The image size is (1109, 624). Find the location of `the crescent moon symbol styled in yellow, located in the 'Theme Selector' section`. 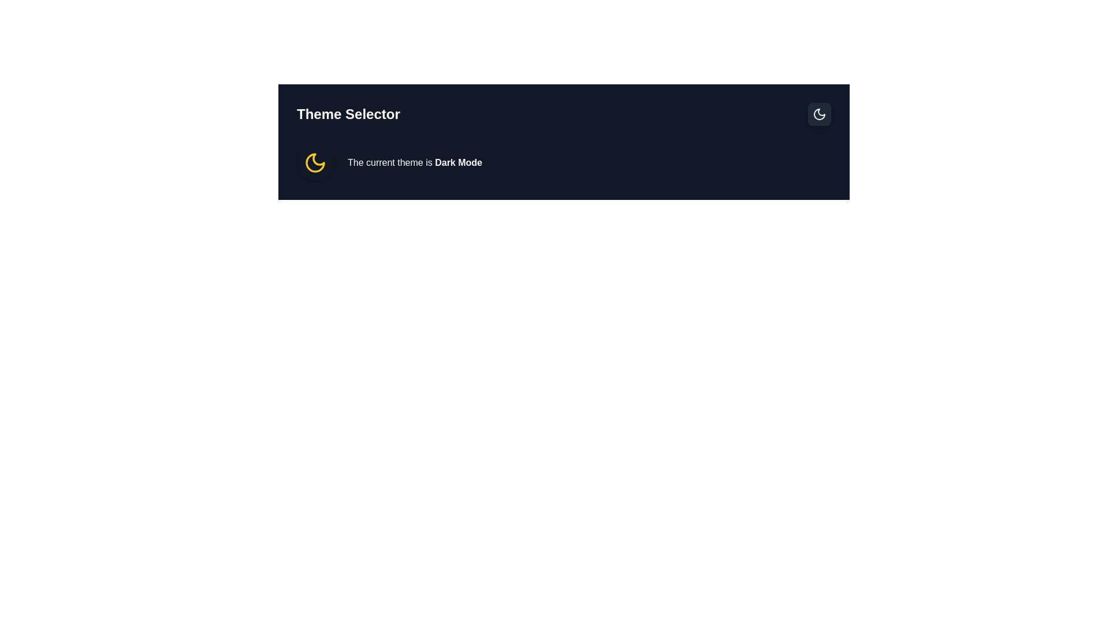

the crescent moon symbol styled in yellow, located in the 'Theme Selector' section is located at coordinates (315, 162).